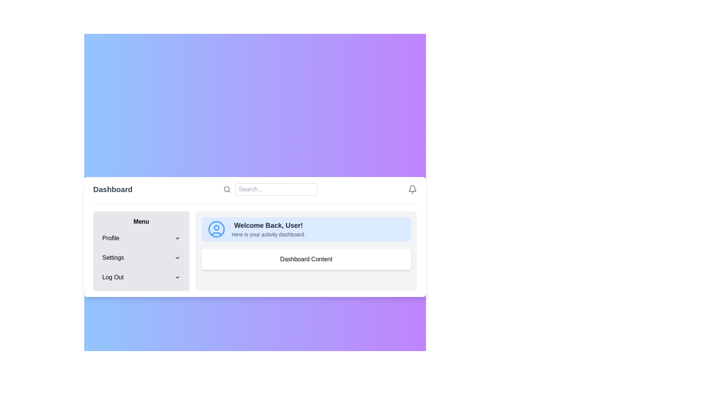 This screenshot has height=406, width=722. Describe the element at coordinates (216, 229) in the screenshot. I see `SVG Circle with a blue outline and light-colored fill, located within the user avatar icon in the 'Welcome Back, User!' section of the dashboard` at that location.